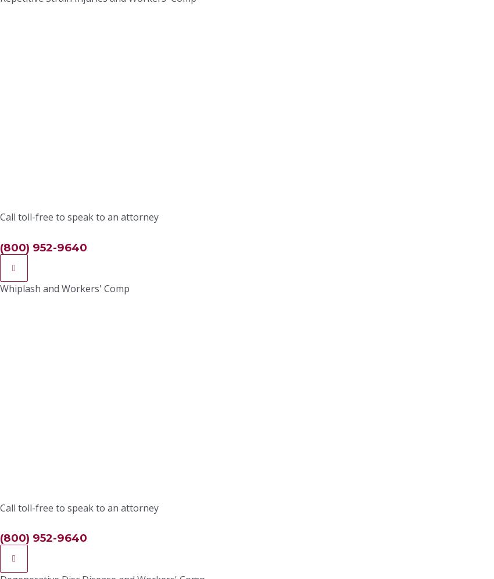  I want to click on 'Injuries Caused By Defective Products', so click(137, 181).